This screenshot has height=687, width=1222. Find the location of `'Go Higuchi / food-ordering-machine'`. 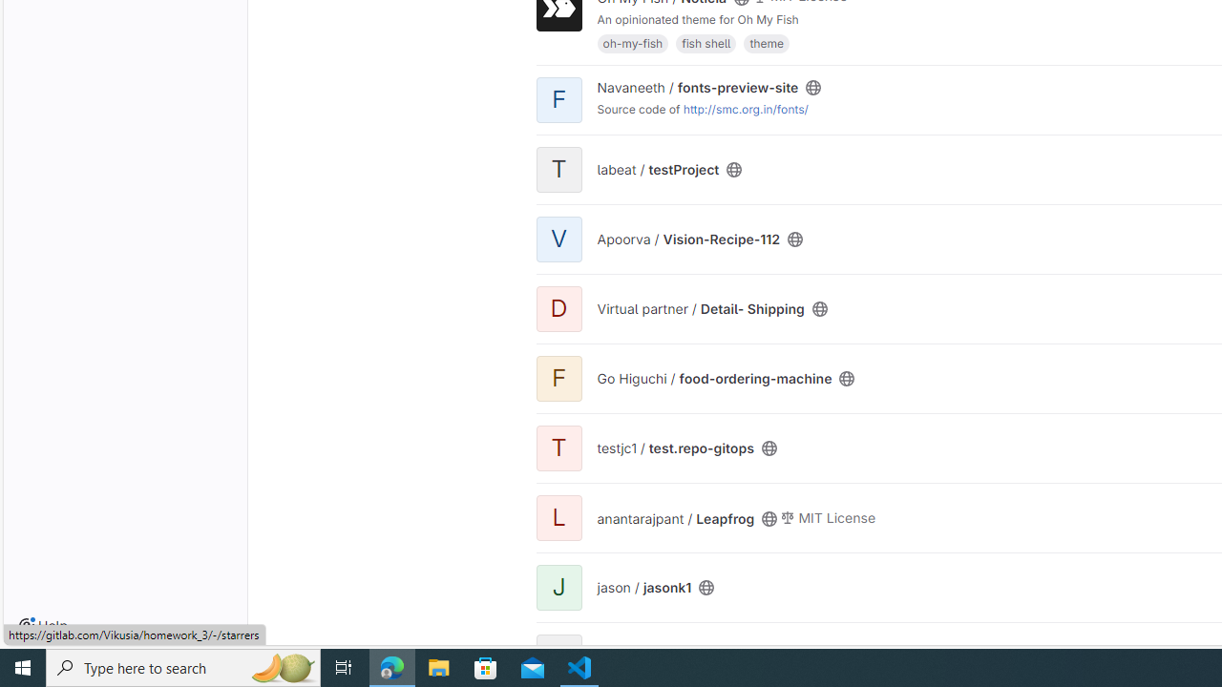

'Go Higuchi / food-ordering-machine' is located at coordinates (713, 379).